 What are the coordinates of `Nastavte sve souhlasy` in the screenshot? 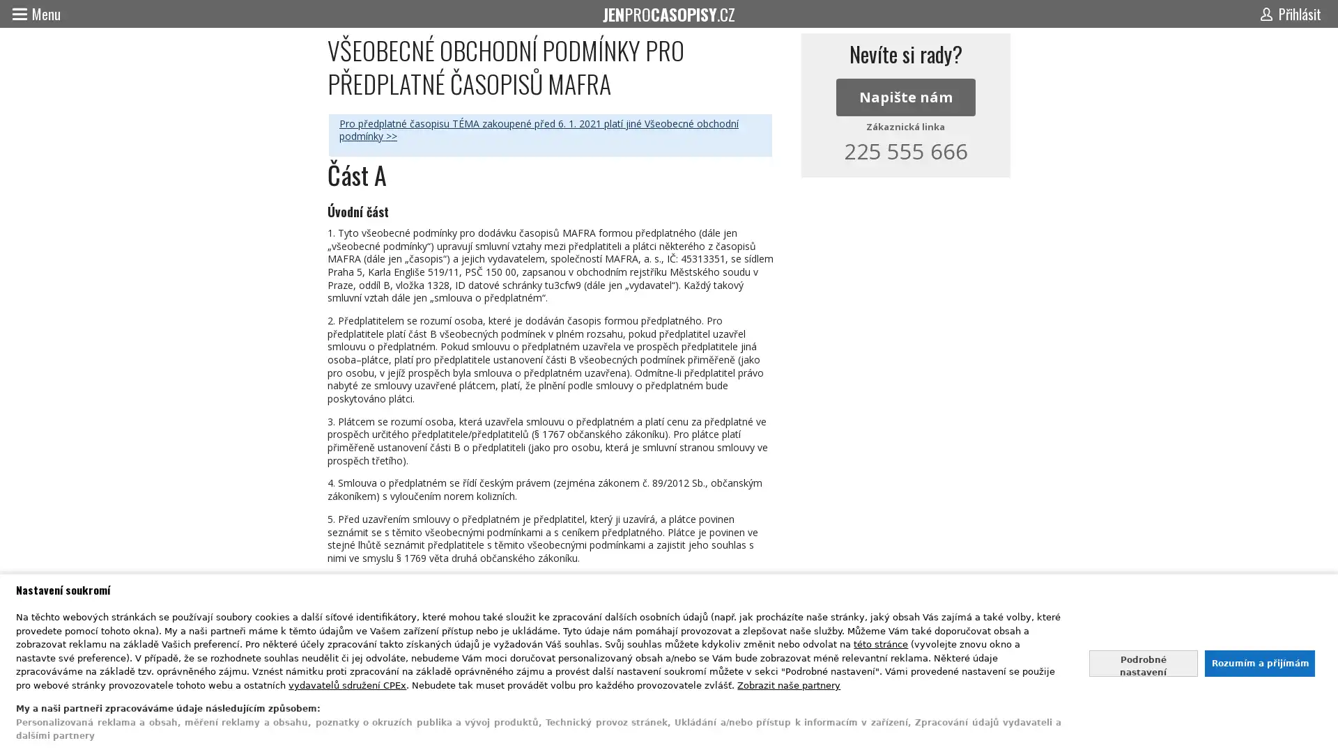 It's located at (1143, 662).